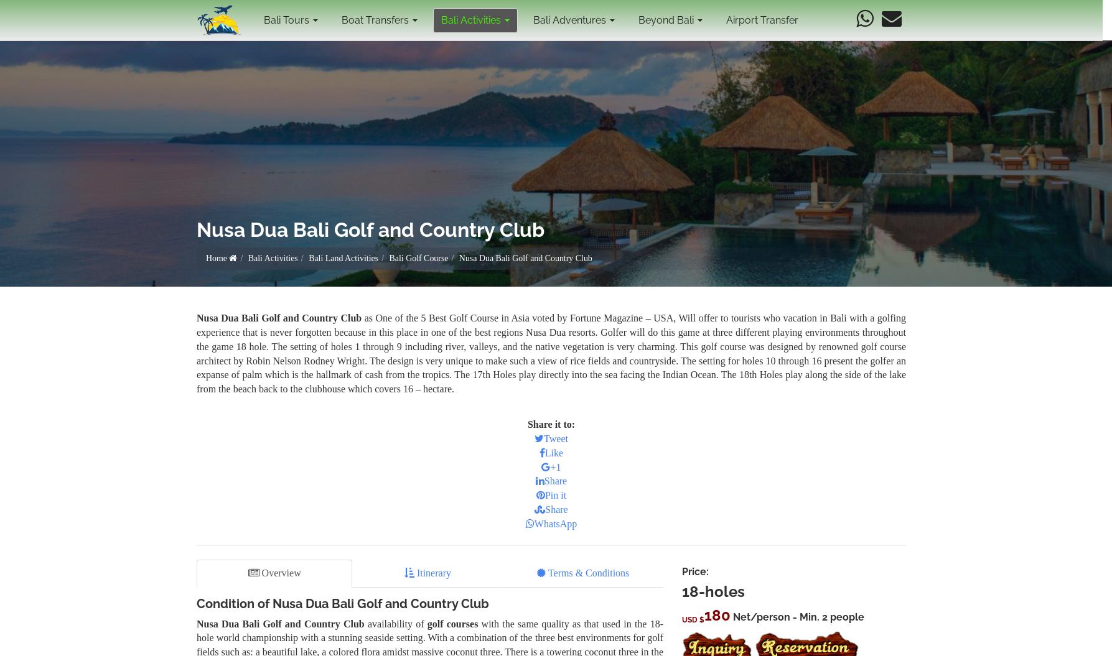 Image resolution: width=1112 pixels, height=656 pixels. Describe the element at coordinates (551, 423) in the screenshot. I see `'Share it to:'` at that location.